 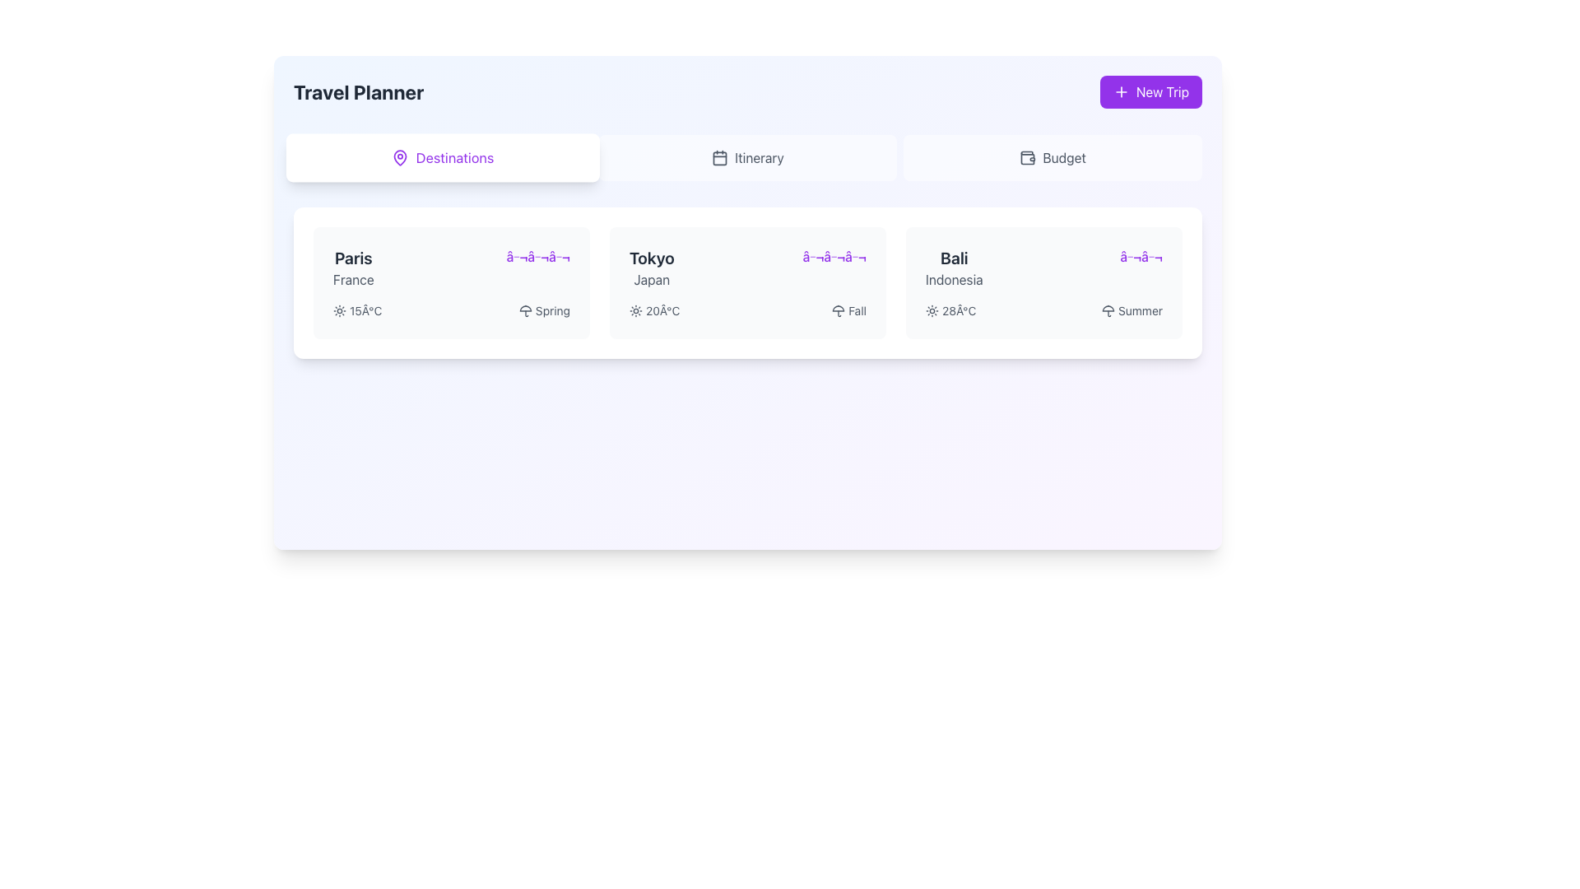 What do you see at coordinates (849, 311) in the screenshot?
I see `the informational text label with icon indicating the season associated with the destination 'Tokyo', located to the right of '20°C' in the lower half of the card` at bounding box center [849, 311].